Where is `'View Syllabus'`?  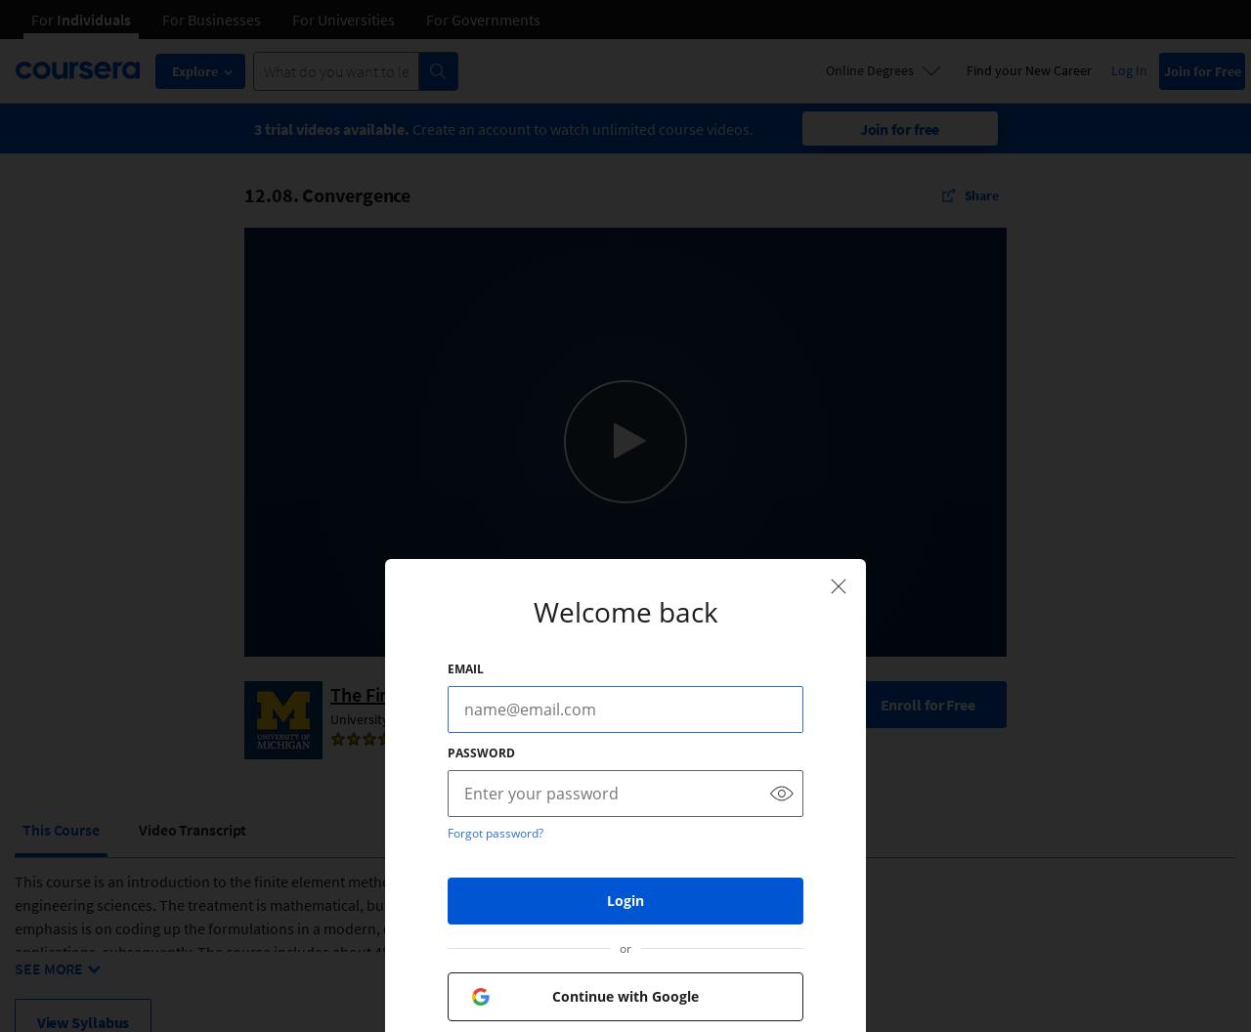 'View Syllabus' is located at coordinates (81, 1020).